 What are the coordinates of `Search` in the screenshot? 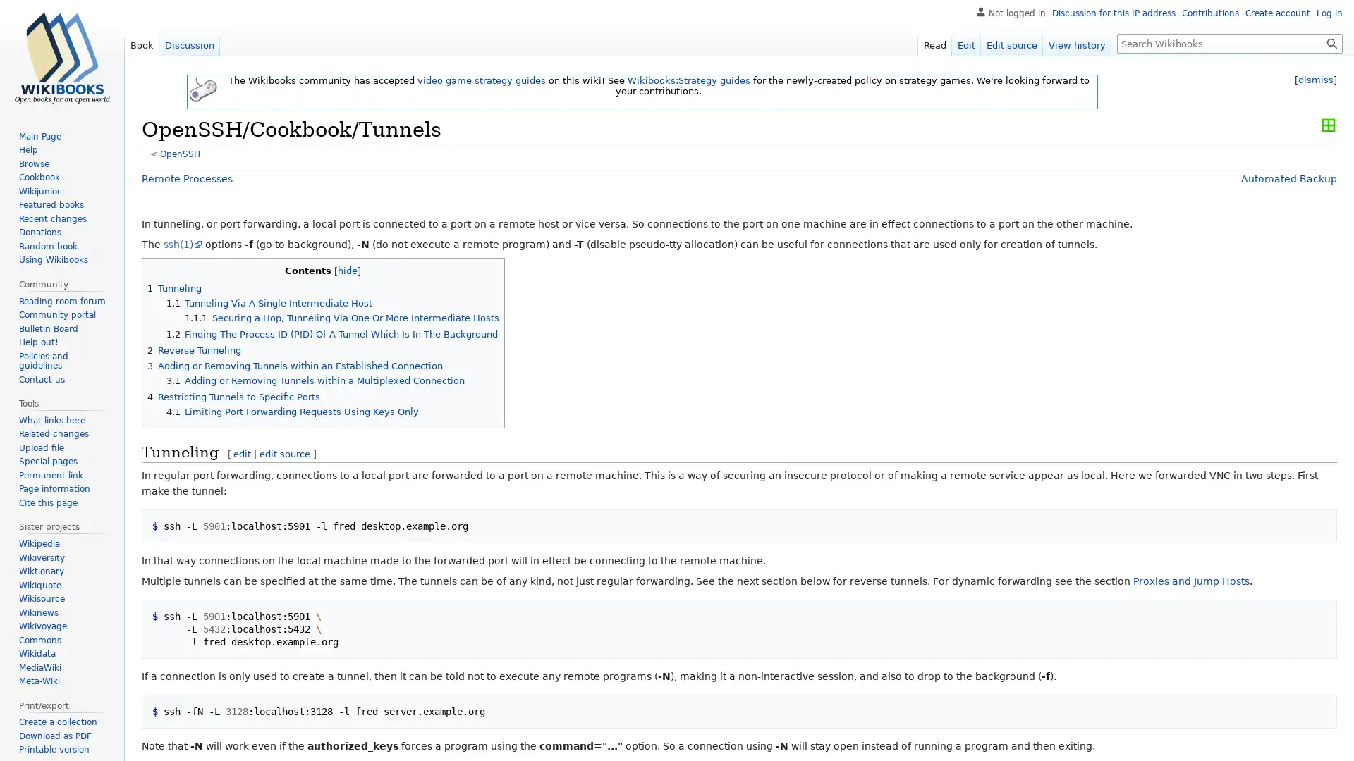 It's located at (1331, 42).